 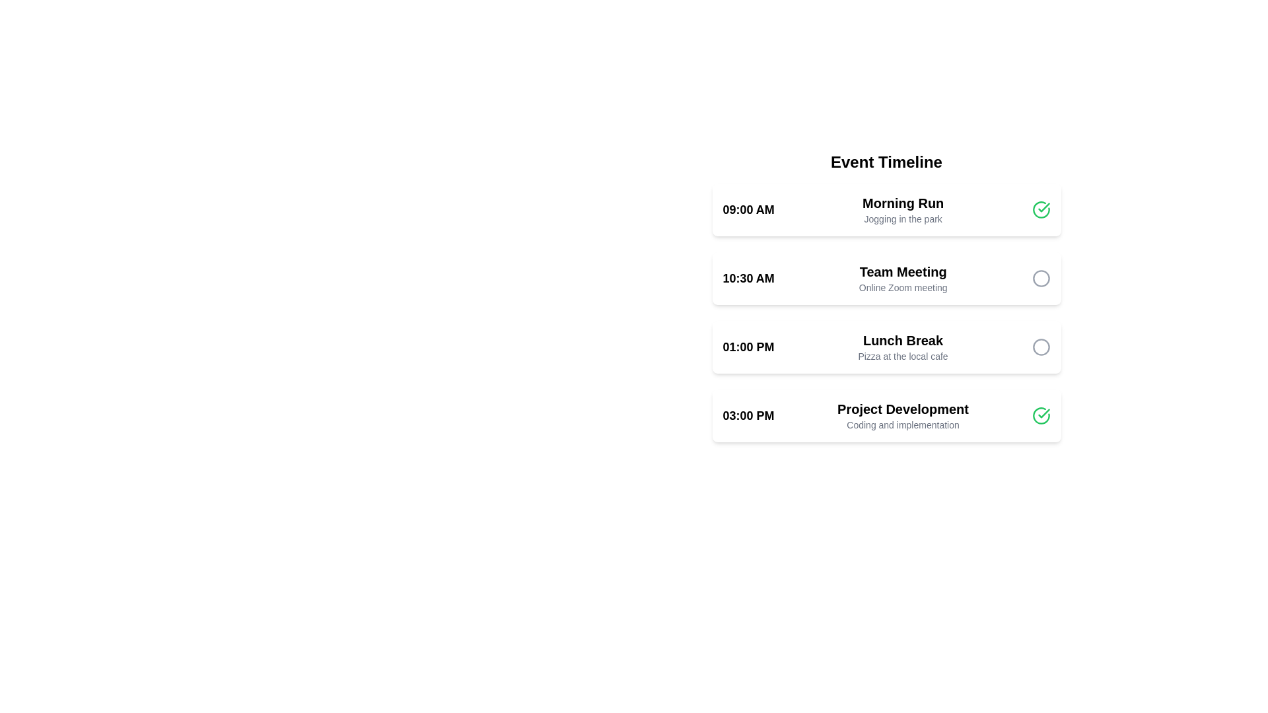 I want to click on the green circular icon with a checkmark symbol within it, which is the last subcomponent of the '09:00 AM Morning Run' entry in the 'Event Timeline', so click(x=1040, y=209).